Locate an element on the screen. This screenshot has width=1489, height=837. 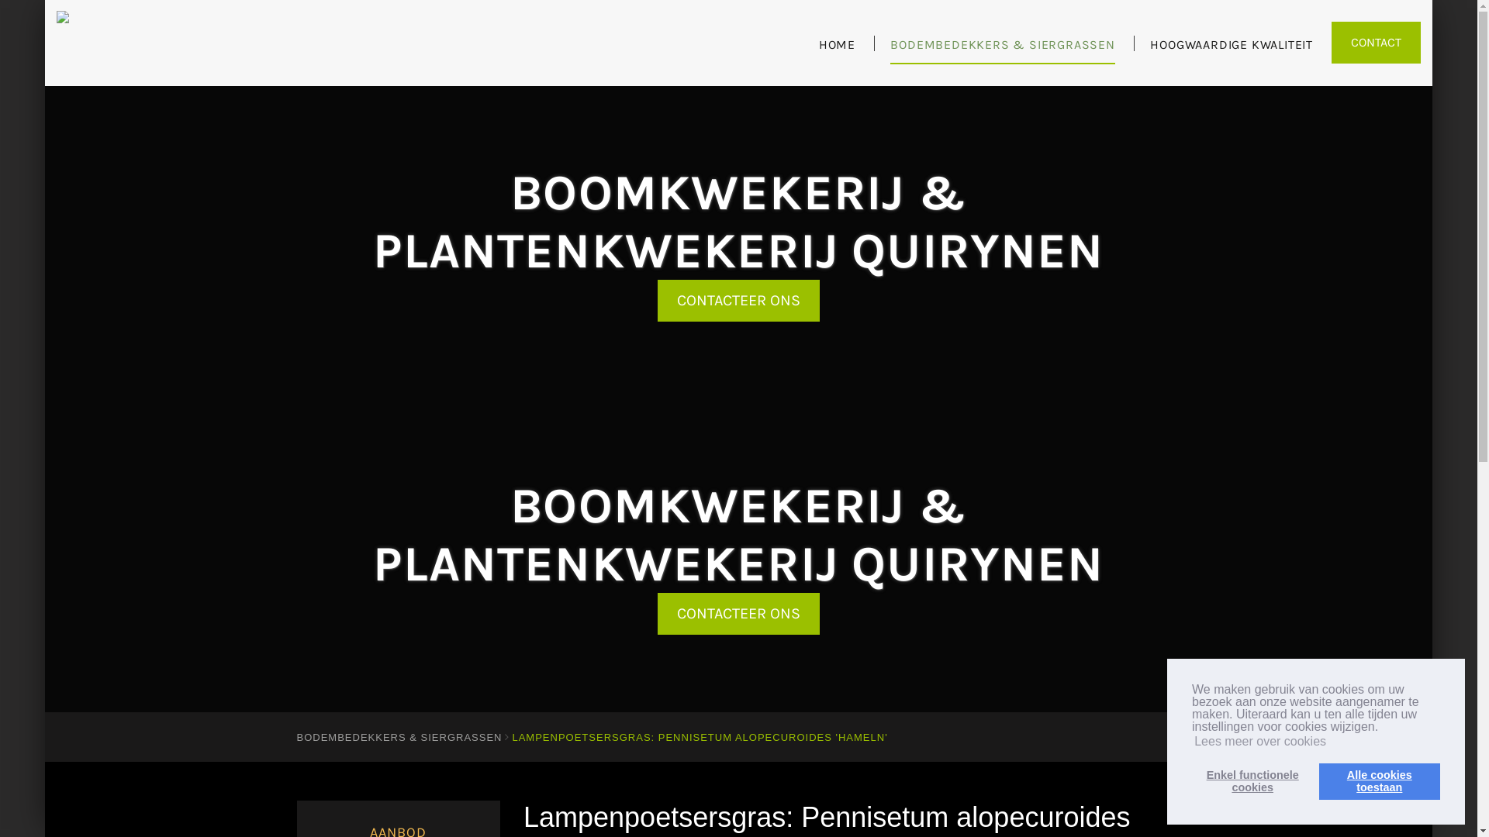
'Alle cookies is located at coordinates (1380, 780).